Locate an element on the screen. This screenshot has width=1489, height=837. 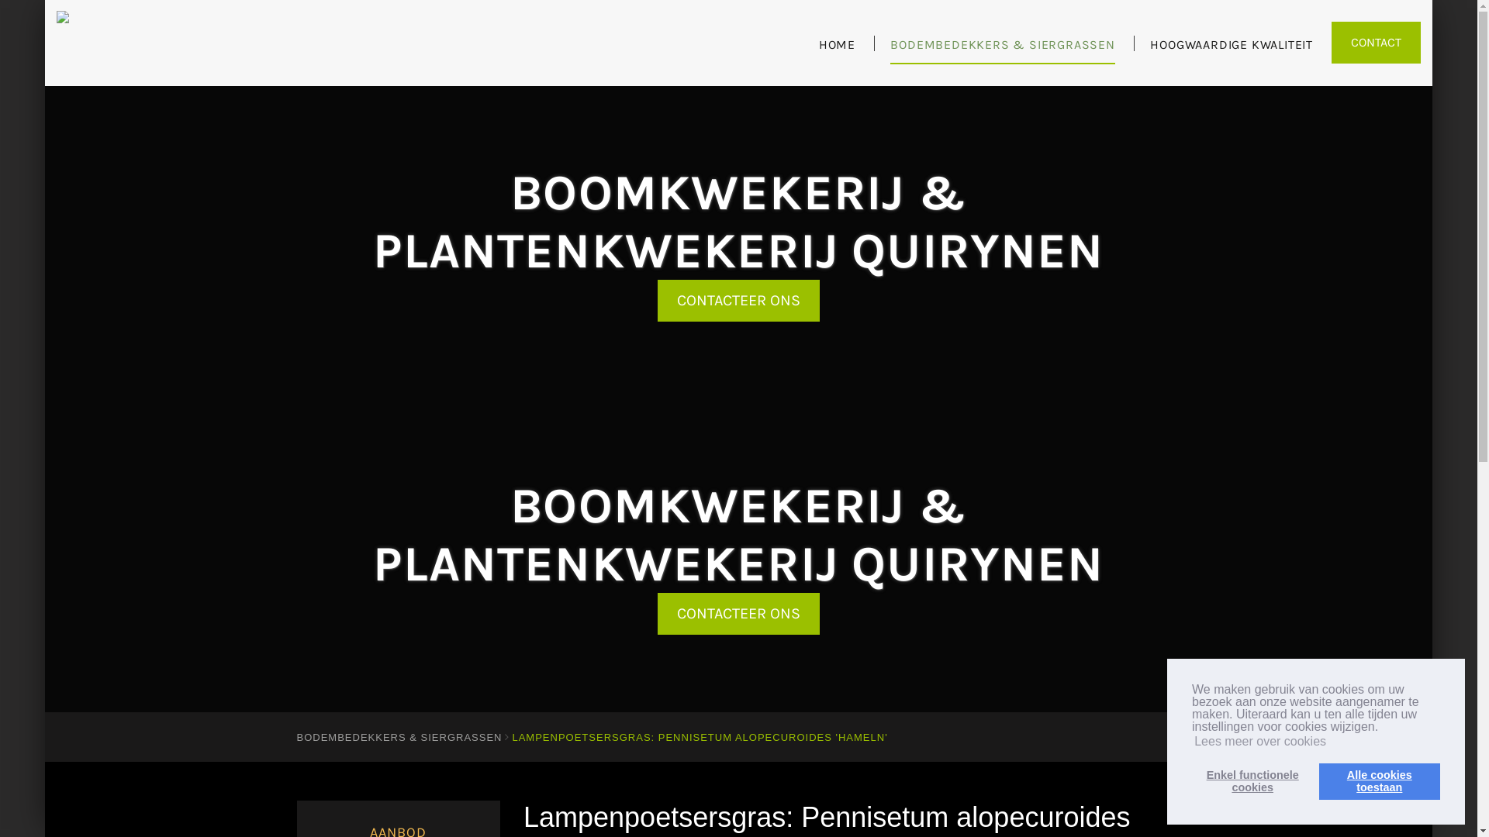
'Alle cookies is located at coordinates (1380, 780).